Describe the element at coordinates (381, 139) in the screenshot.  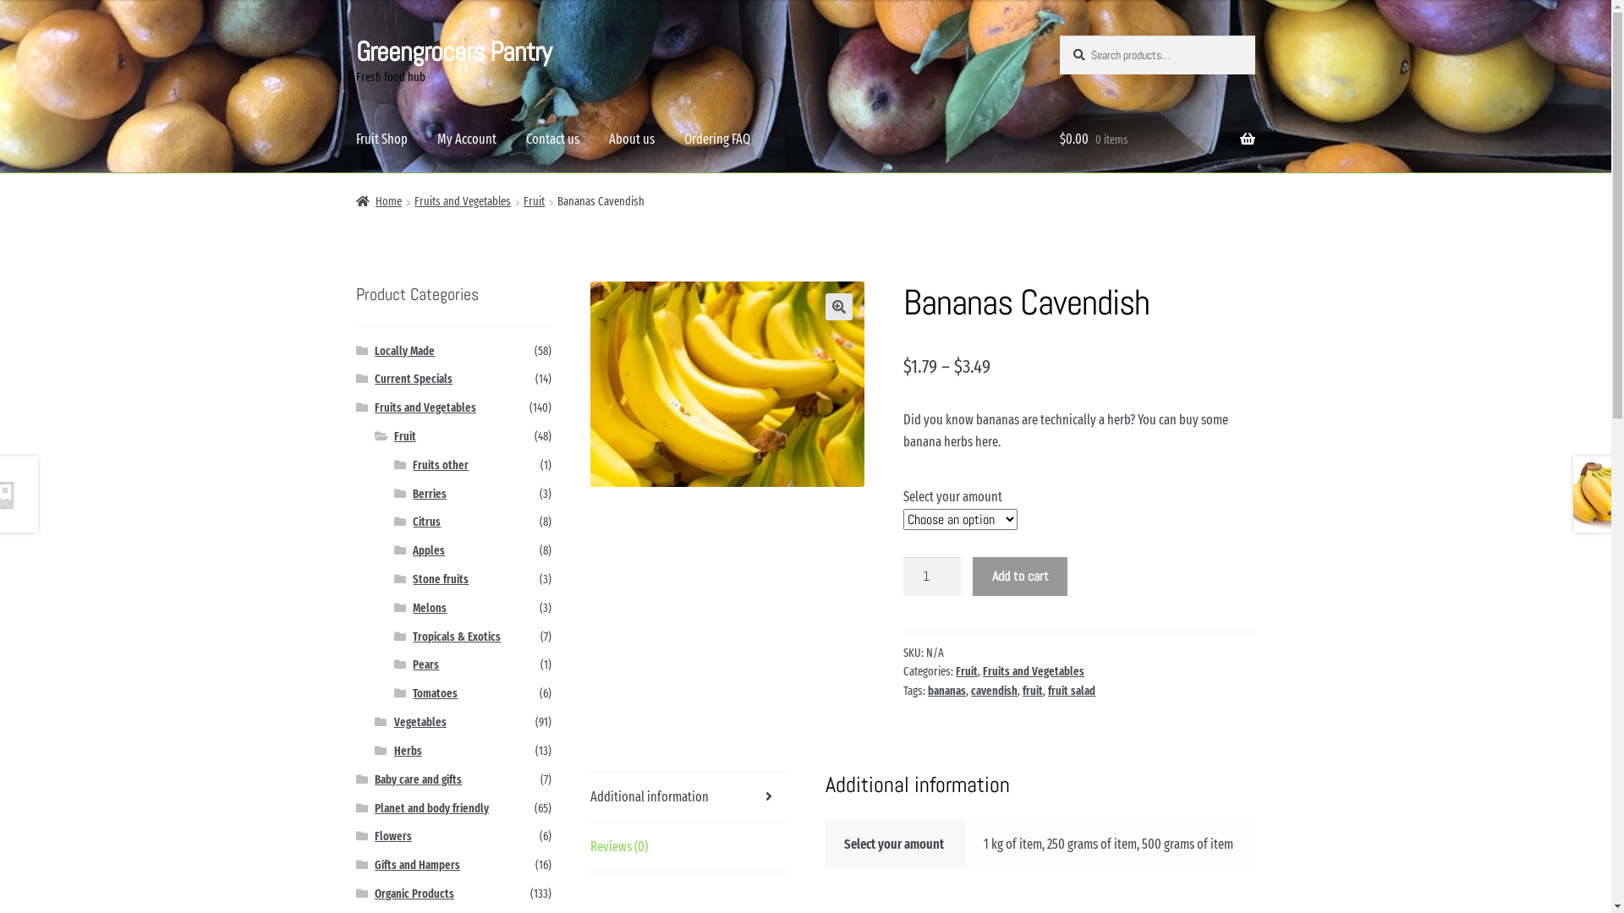
I see `'Fruit Shop'` at that location.